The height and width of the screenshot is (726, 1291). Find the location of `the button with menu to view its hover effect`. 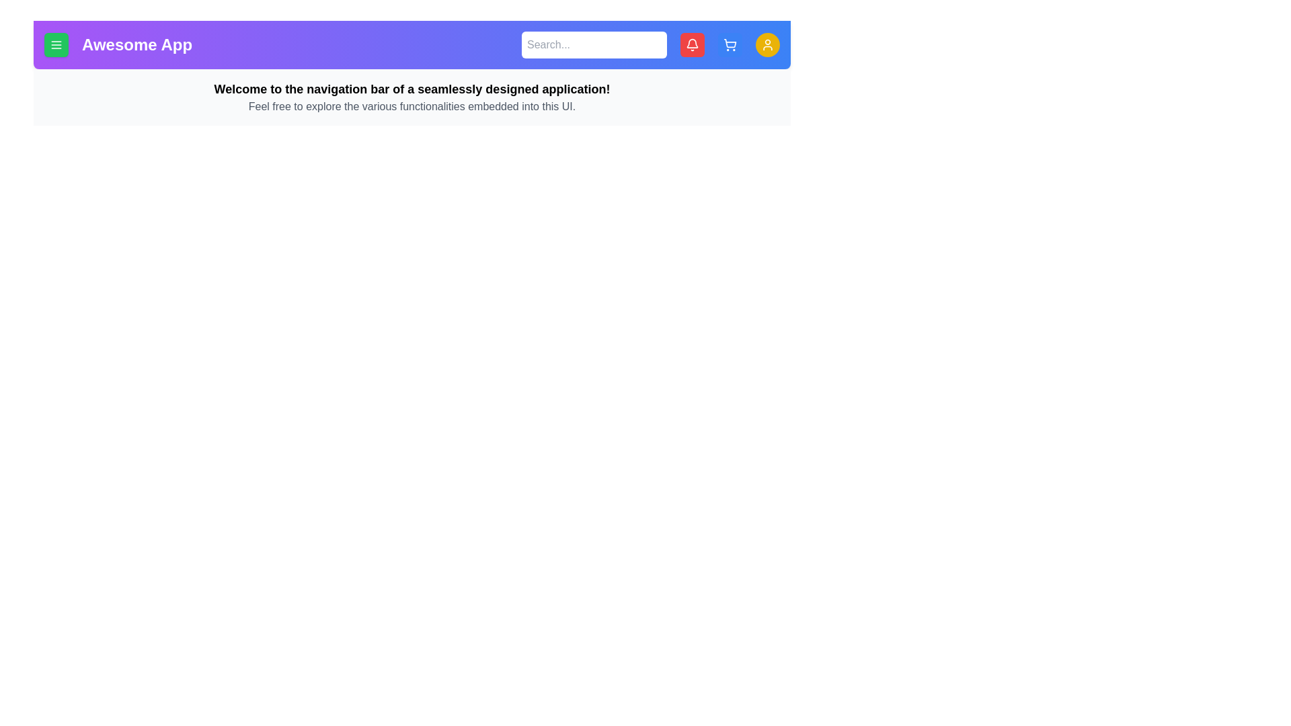

the button with menu to view its hover effect is located at coordinates (55, 44).